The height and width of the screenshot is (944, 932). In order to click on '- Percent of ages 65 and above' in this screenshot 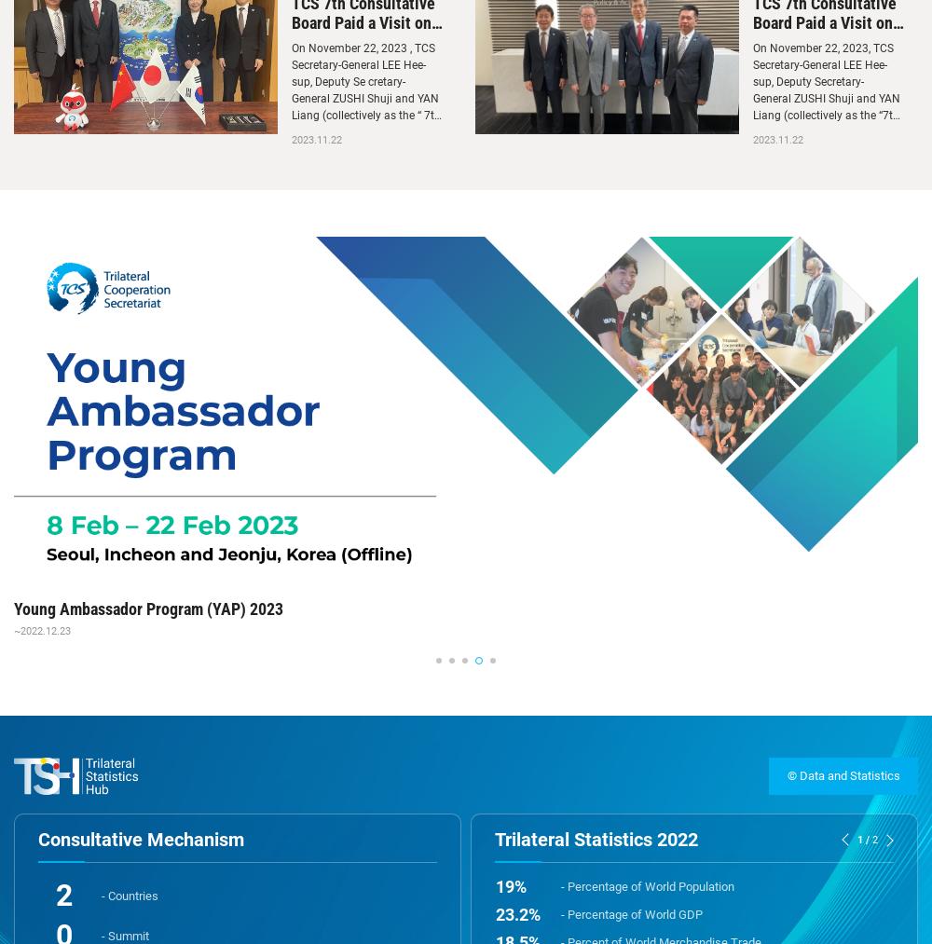, I will do `click(560, 830)`.